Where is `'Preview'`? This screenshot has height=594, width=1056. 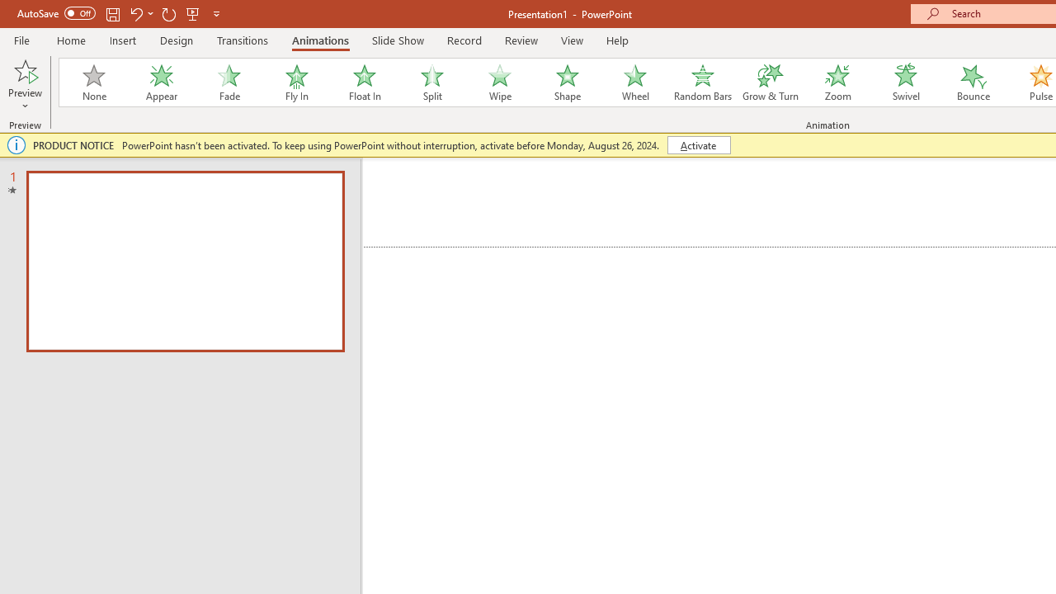
'Preview' is located at coordinates (25, 85).